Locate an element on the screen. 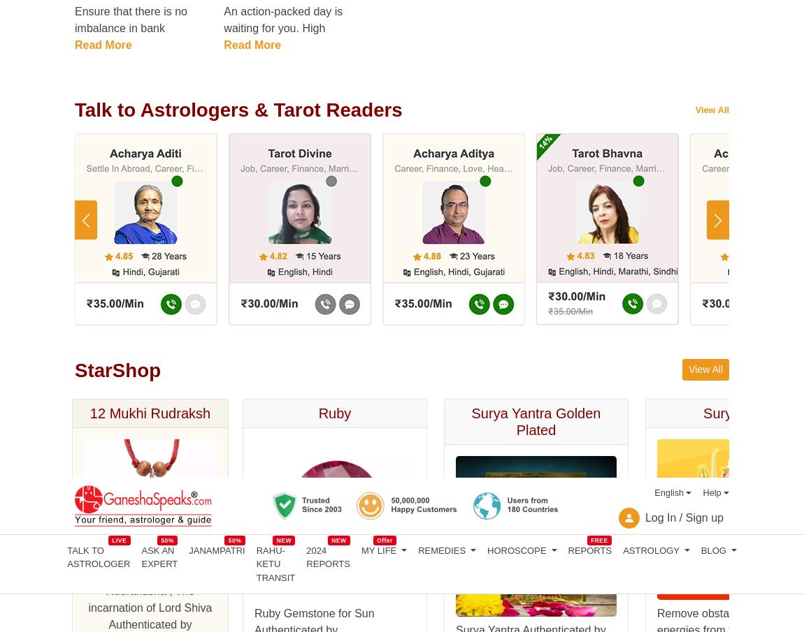 The width and height of the screenshot is (804, 632). 'Politics' is located at coordinates (166, 13).